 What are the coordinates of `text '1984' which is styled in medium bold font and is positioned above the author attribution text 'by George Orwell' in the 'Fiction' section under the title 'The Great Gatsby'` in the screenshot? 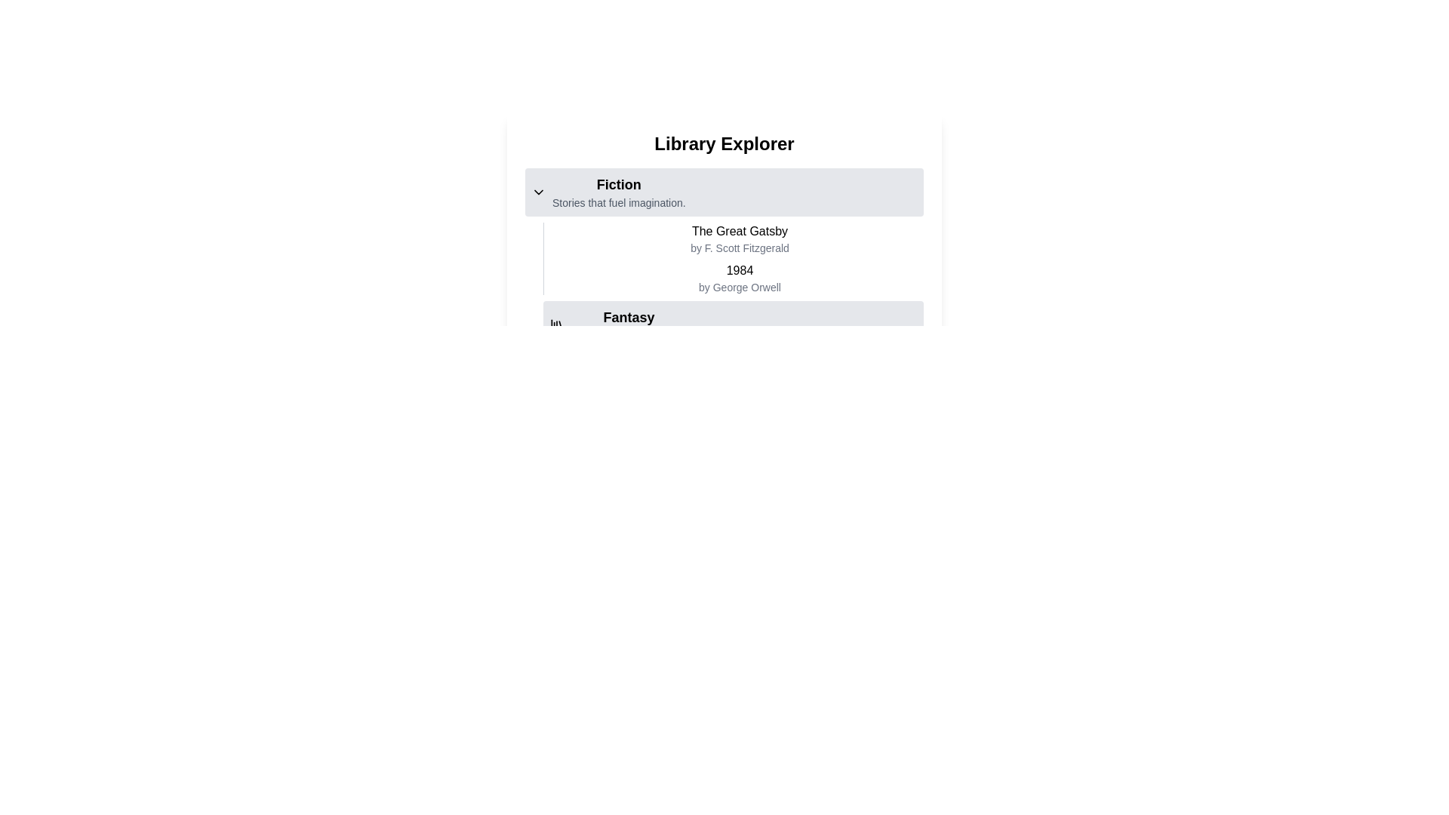 It's located at (740, 269).